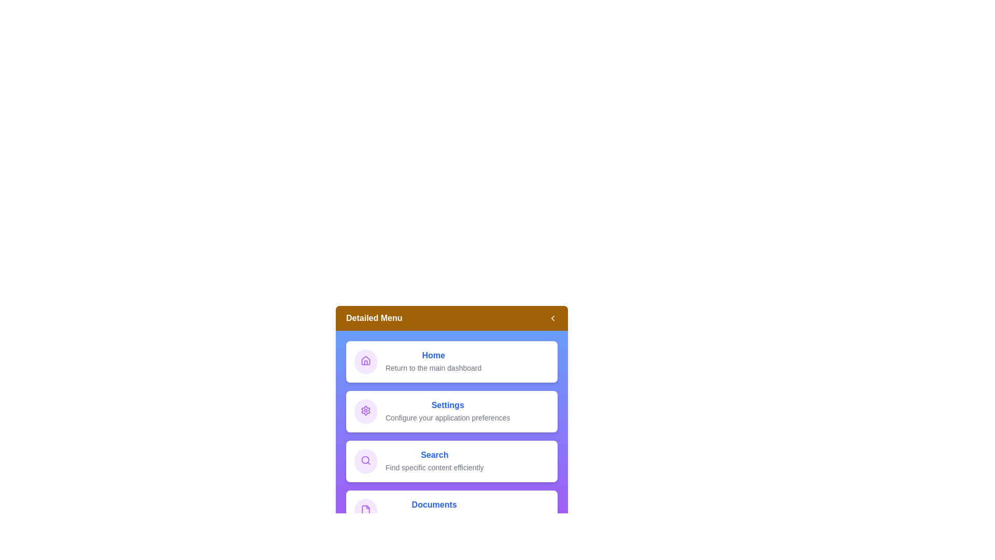 The height and width of the screenshot is (560, 995). Describe the element at coordinates (365, 461) in the screenshot. I see `the icon corresponding to Search in the menu` at that location.